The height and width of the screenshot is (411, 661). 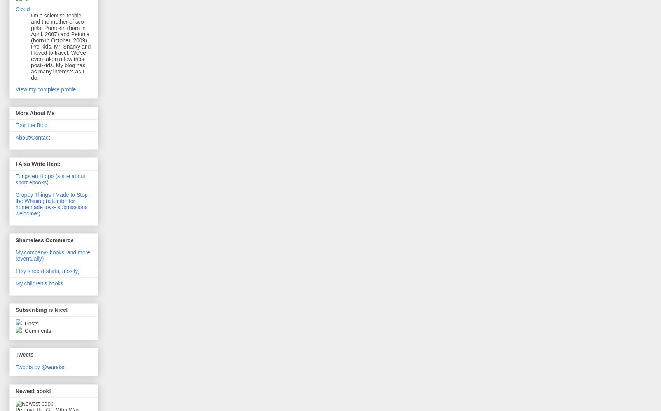 I want to click on 'Subscribing is Nice!', so click(x=41, y=310).